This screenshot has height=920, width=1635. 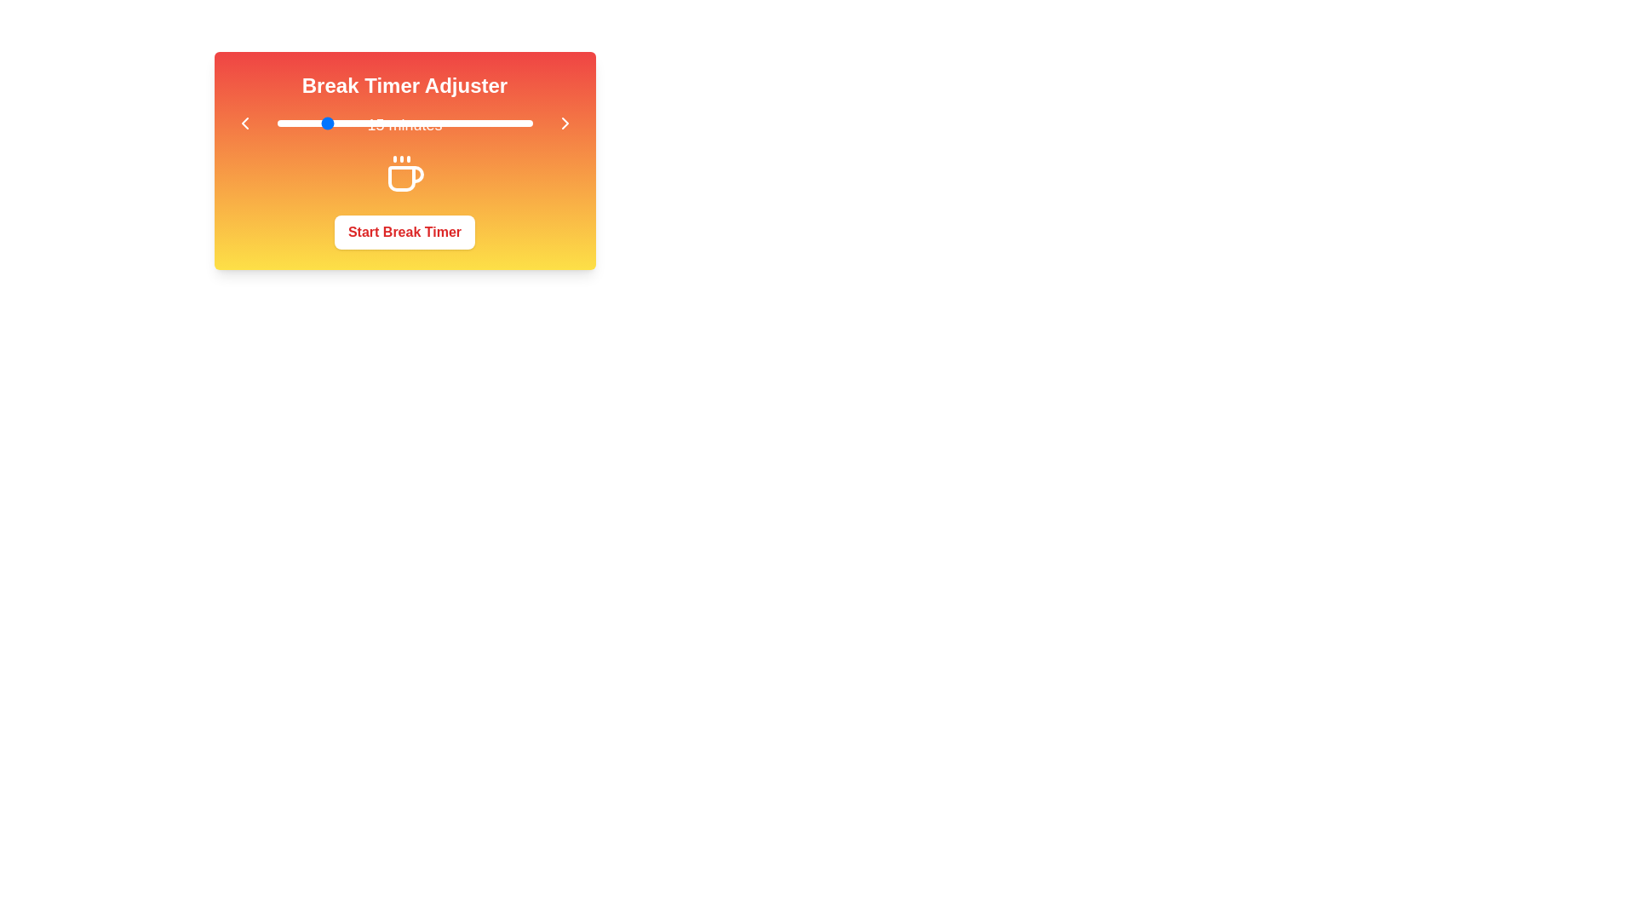 I want to click on the slider to set the break duration to 27 minutes, so click(x=378, y=123).